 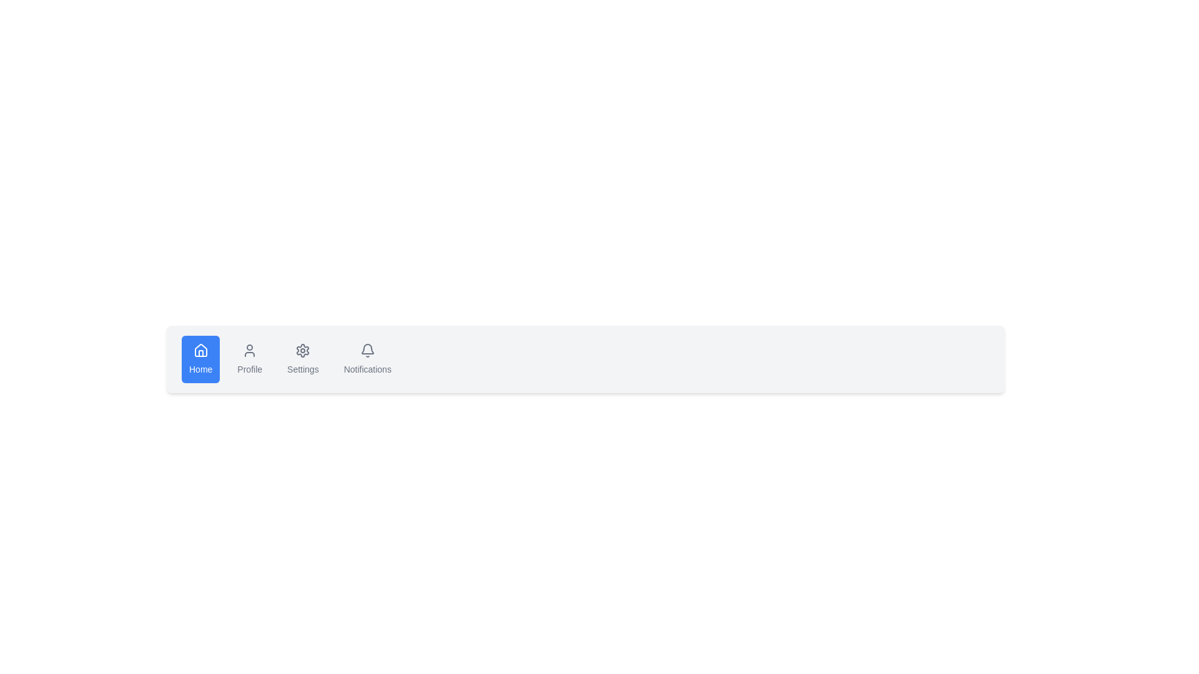 I want to click on the 'Notifications' button in the navigation bar, so click(x=367, y=359).